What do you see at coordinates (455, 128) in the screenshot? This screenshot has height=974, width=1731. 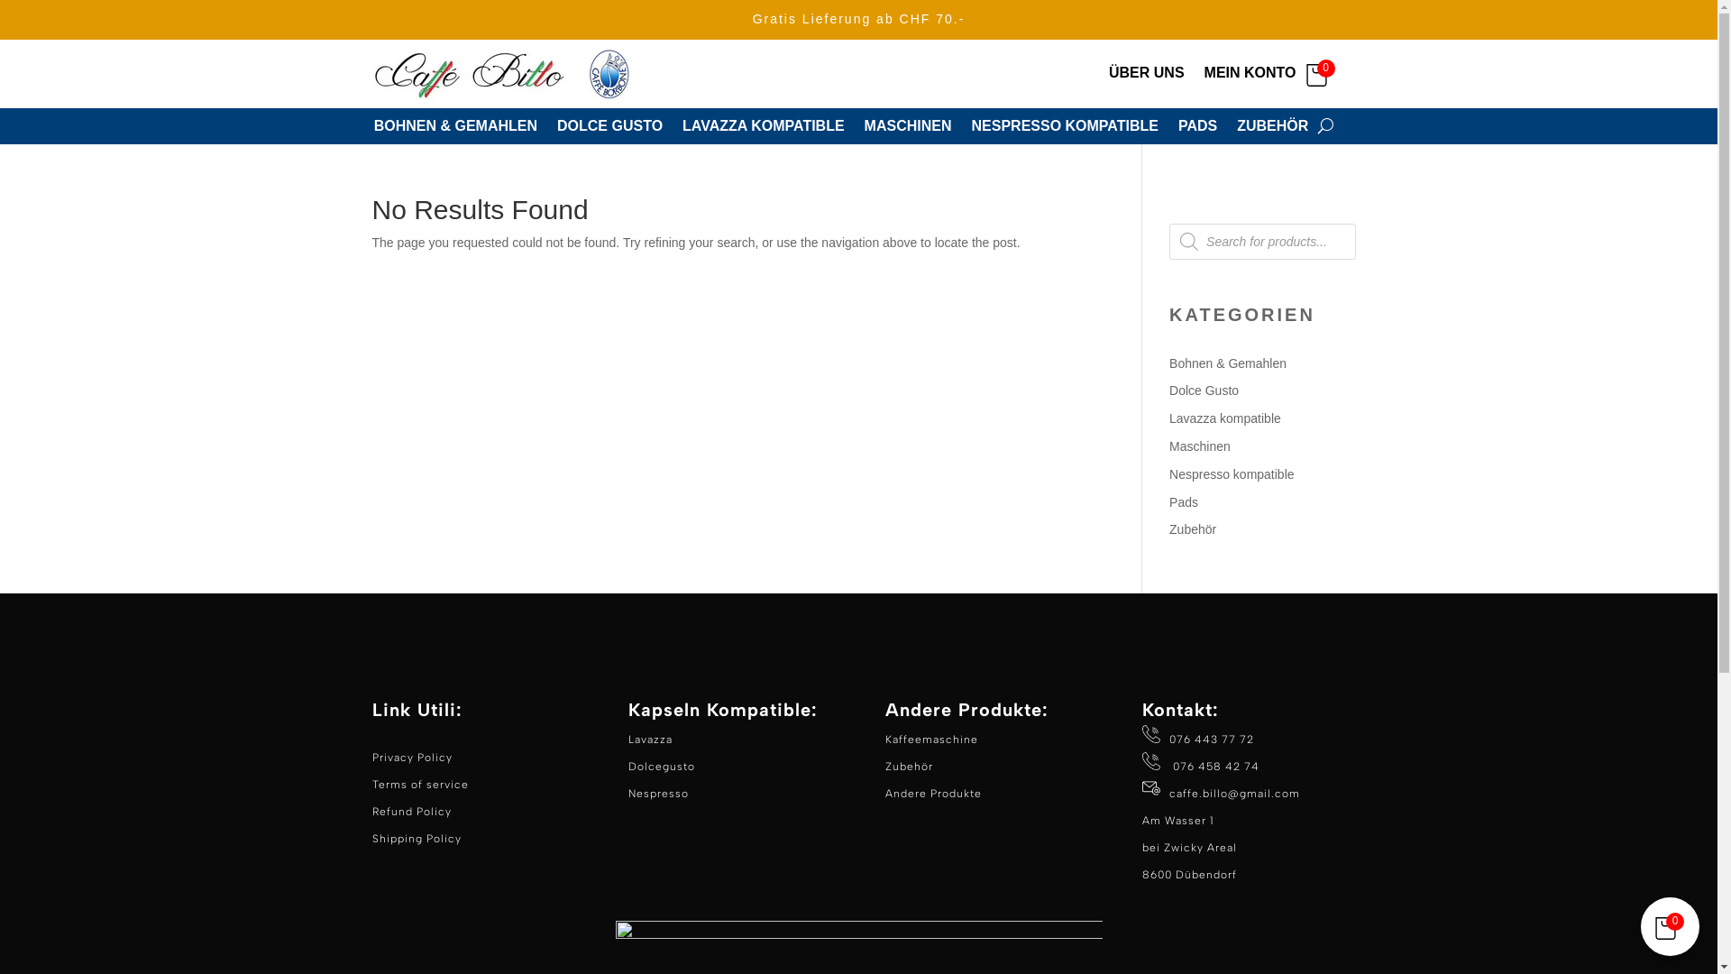 I see `'BOHNEN & GEMAHLEN'` at bounding box center [455, 128].